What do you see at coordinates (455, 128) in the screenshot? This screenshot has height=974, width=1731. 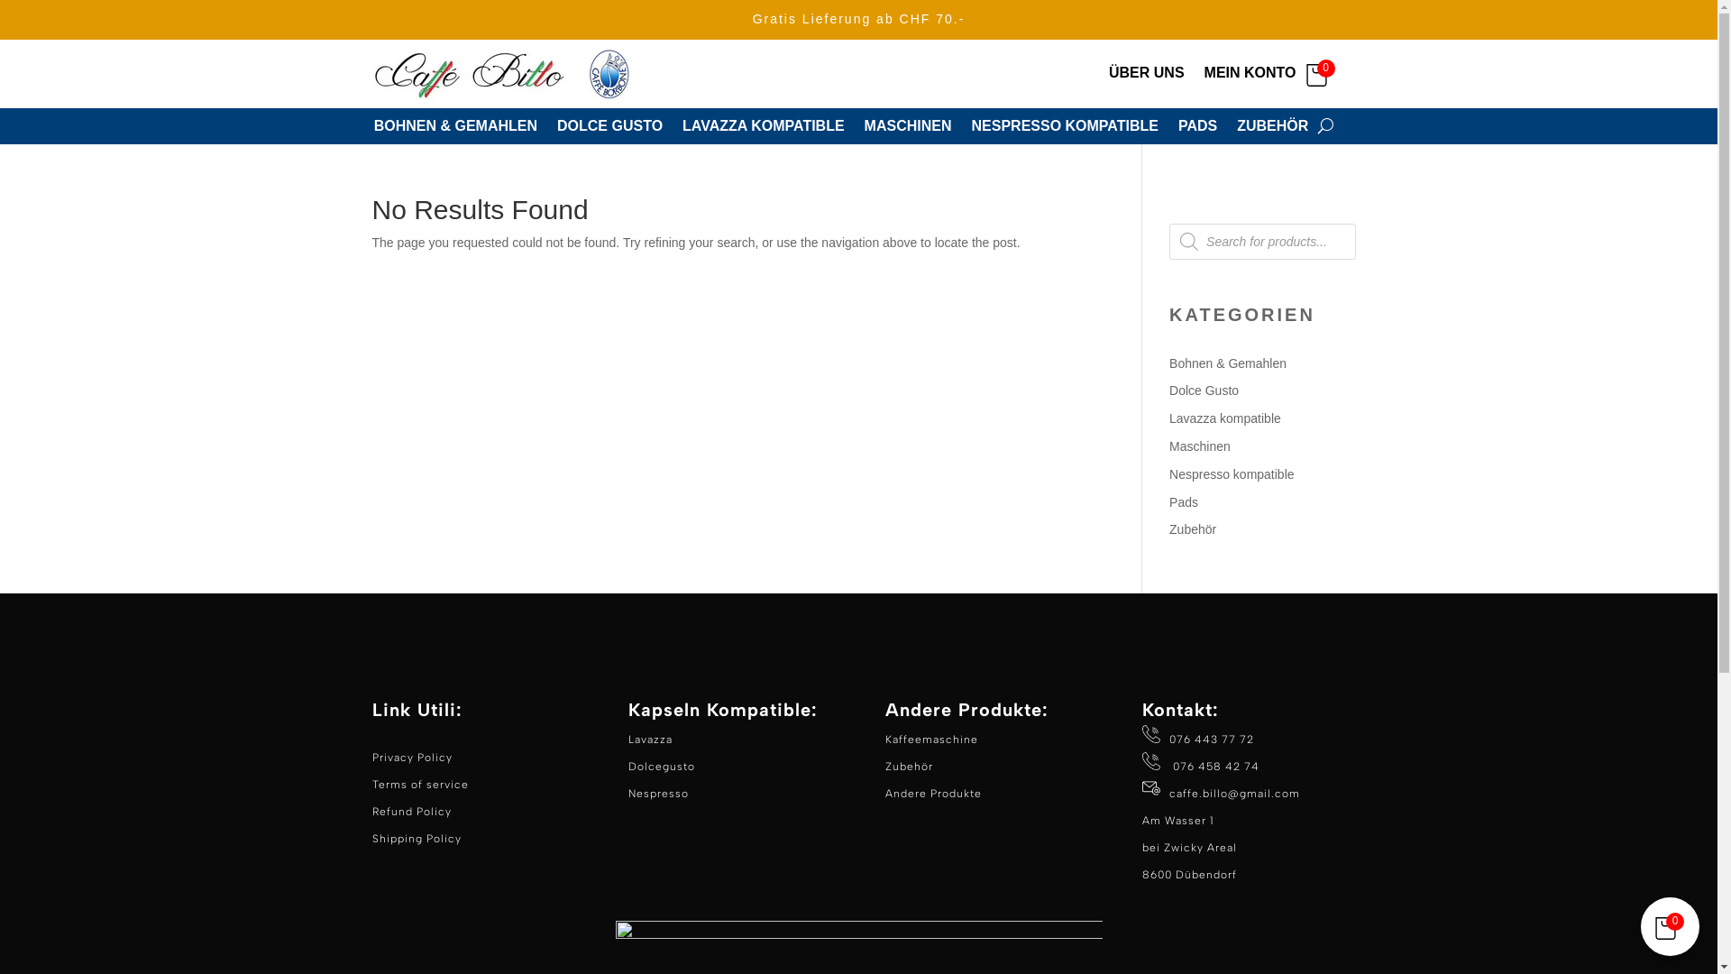 I see `'BOHNEN & GEMAHLEN'` at bounding box center [455, 128].